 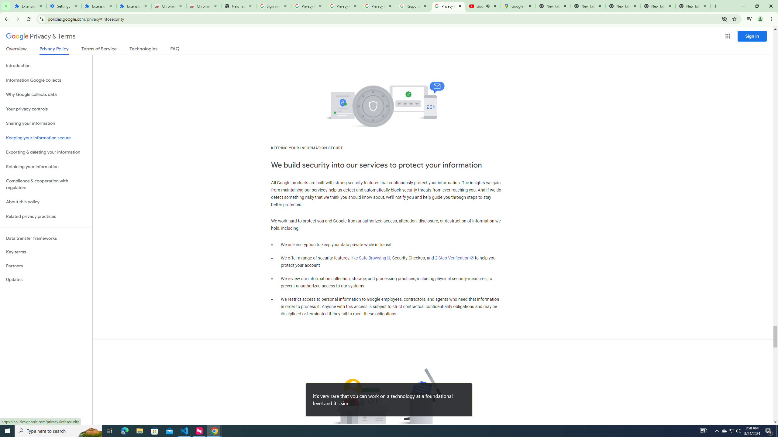 I want to click on 'Google Maps', so click(x=518, y=6).